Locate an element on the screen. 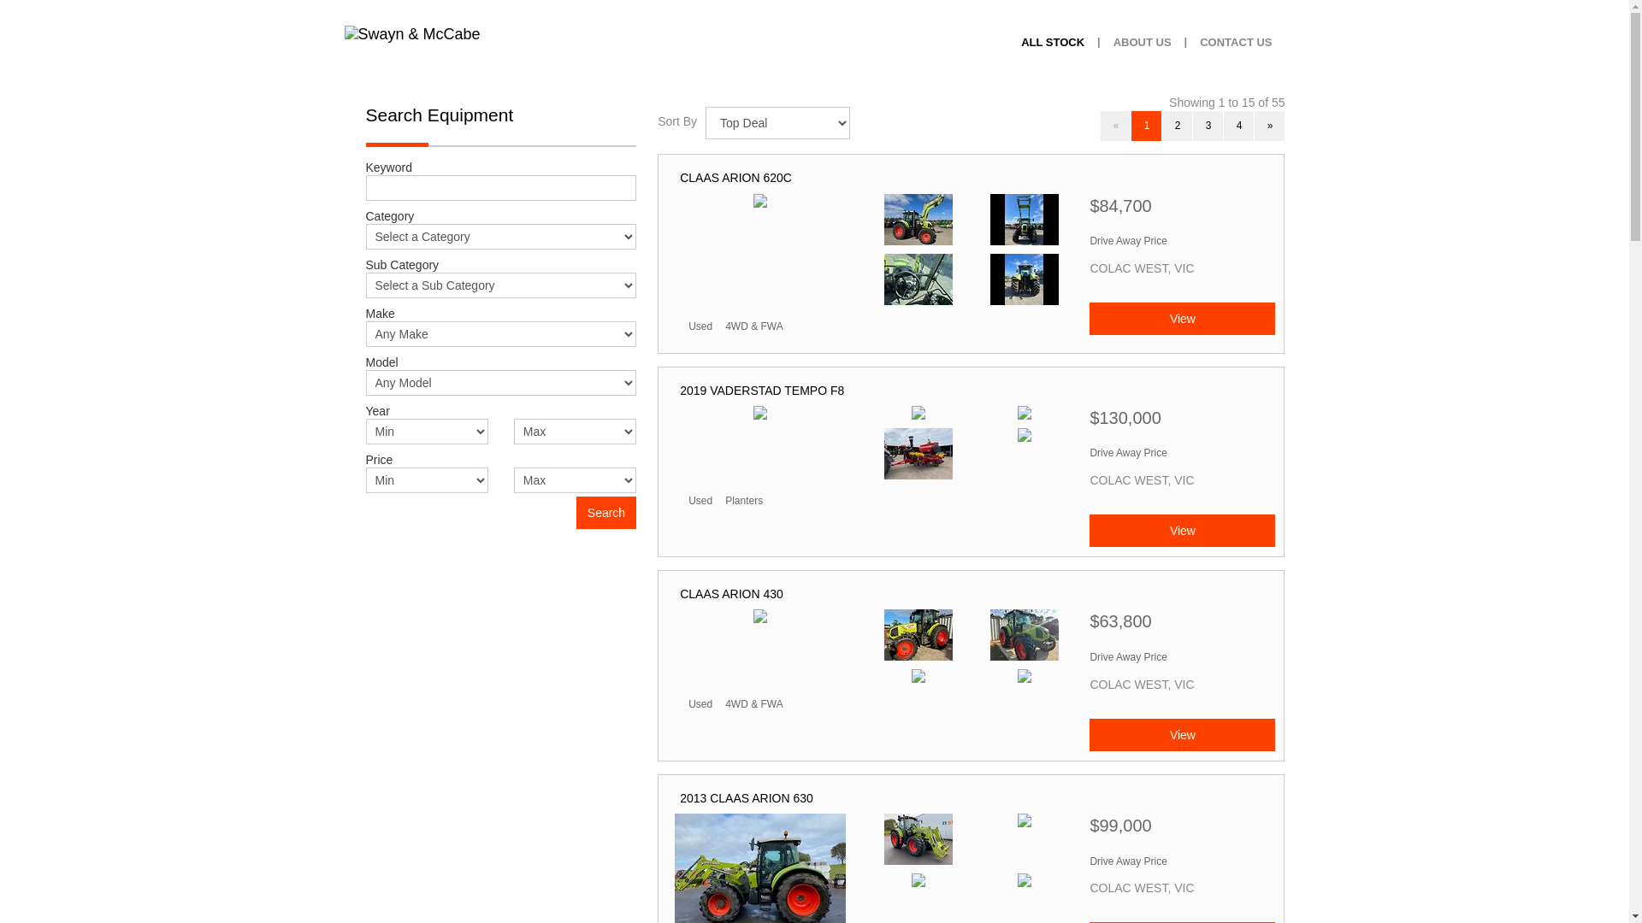  'Drive Away Price' is located at coordinates (1128, 240).